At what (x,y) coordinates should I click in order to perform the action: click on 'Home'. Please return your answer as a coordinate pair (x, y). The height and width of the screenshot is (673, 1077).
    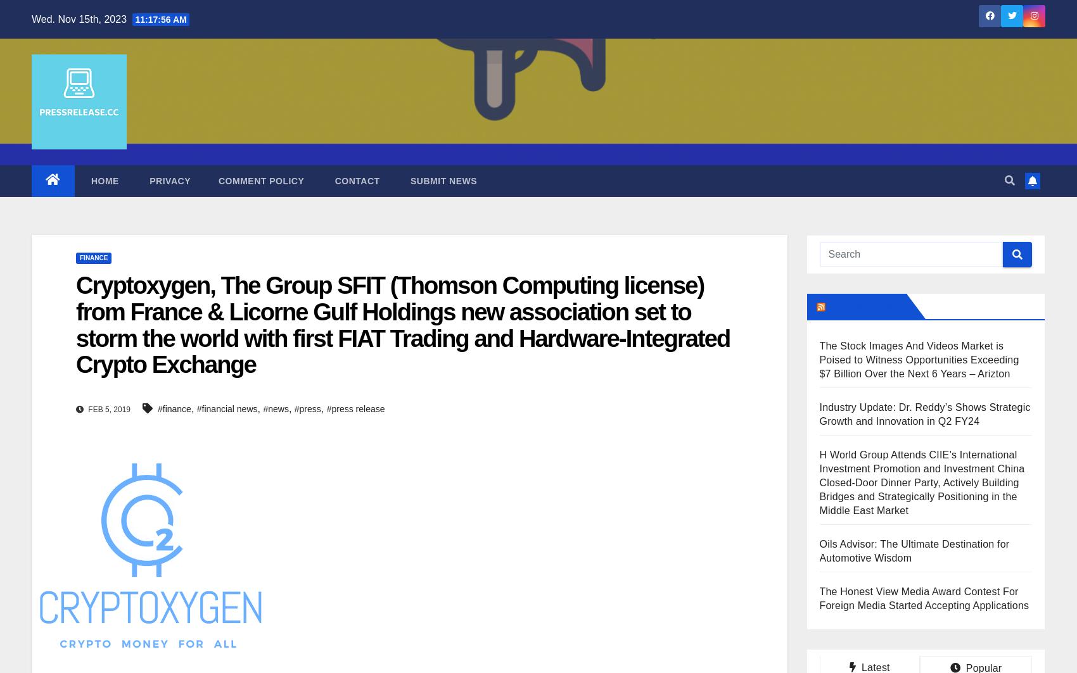
    Looking at the image, I should click on (87, 180).